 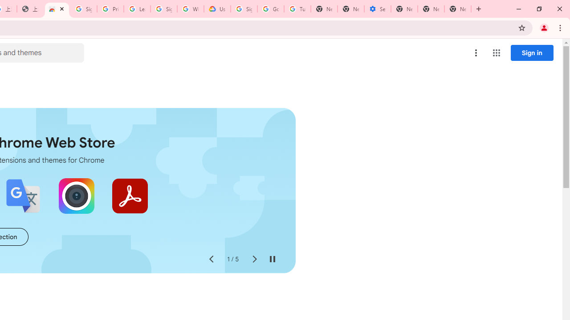 I want to click on 'Google Account Help', so click(x=270, y=9).